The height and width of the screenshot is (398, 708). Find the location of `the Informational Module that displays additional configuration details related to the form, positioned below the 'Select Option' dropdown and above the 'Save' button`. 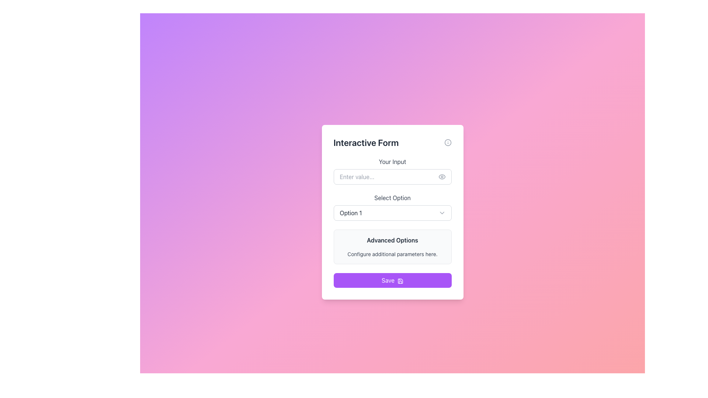

the Informational Module that displays additional configuration details related to the form, positioned below the 'Select Option' dropdown and above the 'Save' button is located at coordinates (392, 247).